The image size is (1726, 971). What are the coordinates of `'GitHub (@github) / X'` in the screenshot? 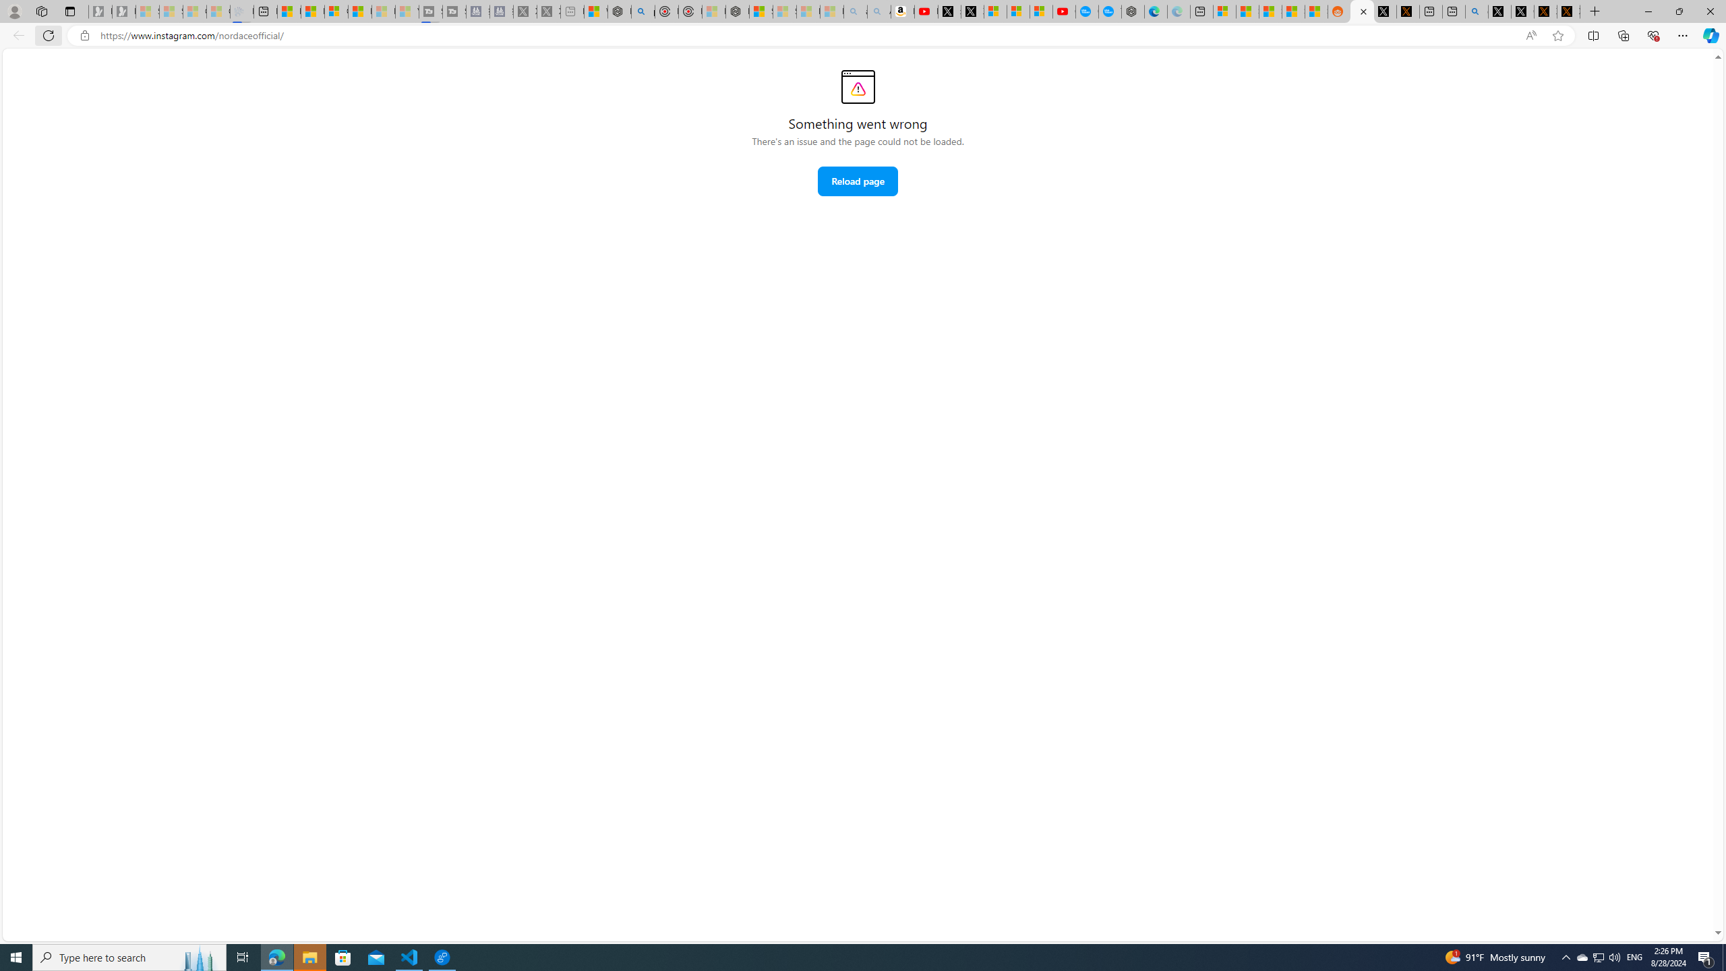 It's located at (1522, 11).